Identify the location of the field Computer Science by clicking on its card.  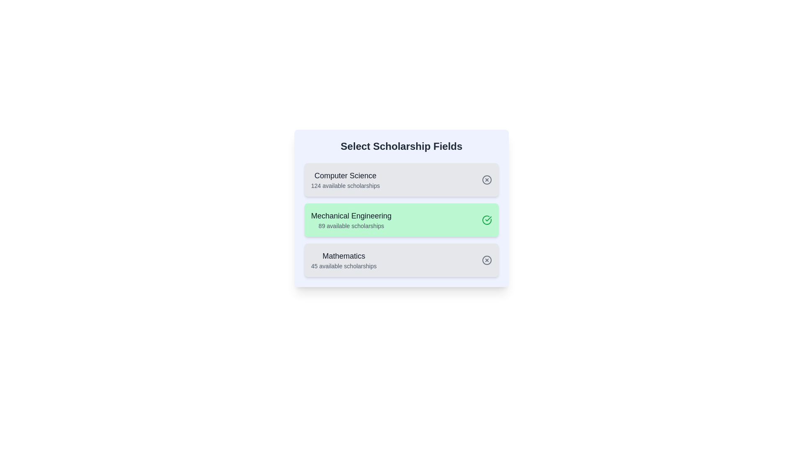
(401, 179).